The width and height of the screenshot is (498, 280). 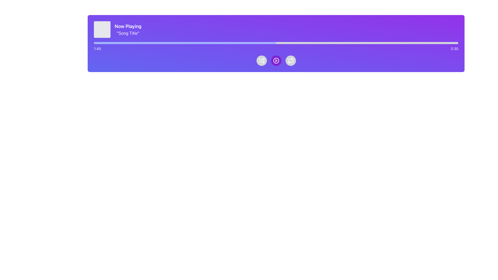 I want to click on the progress bar, which has a gray background and indigo filling, to seek a different playback position, so click(x=276, y=47).